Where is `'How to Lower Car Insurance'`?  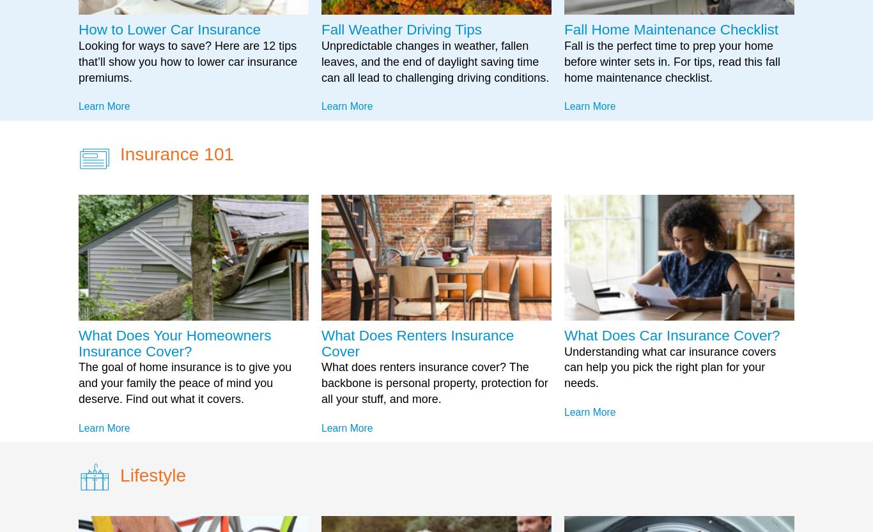
'How to Lower Car Insurance' is located at coordinates (169, 29).